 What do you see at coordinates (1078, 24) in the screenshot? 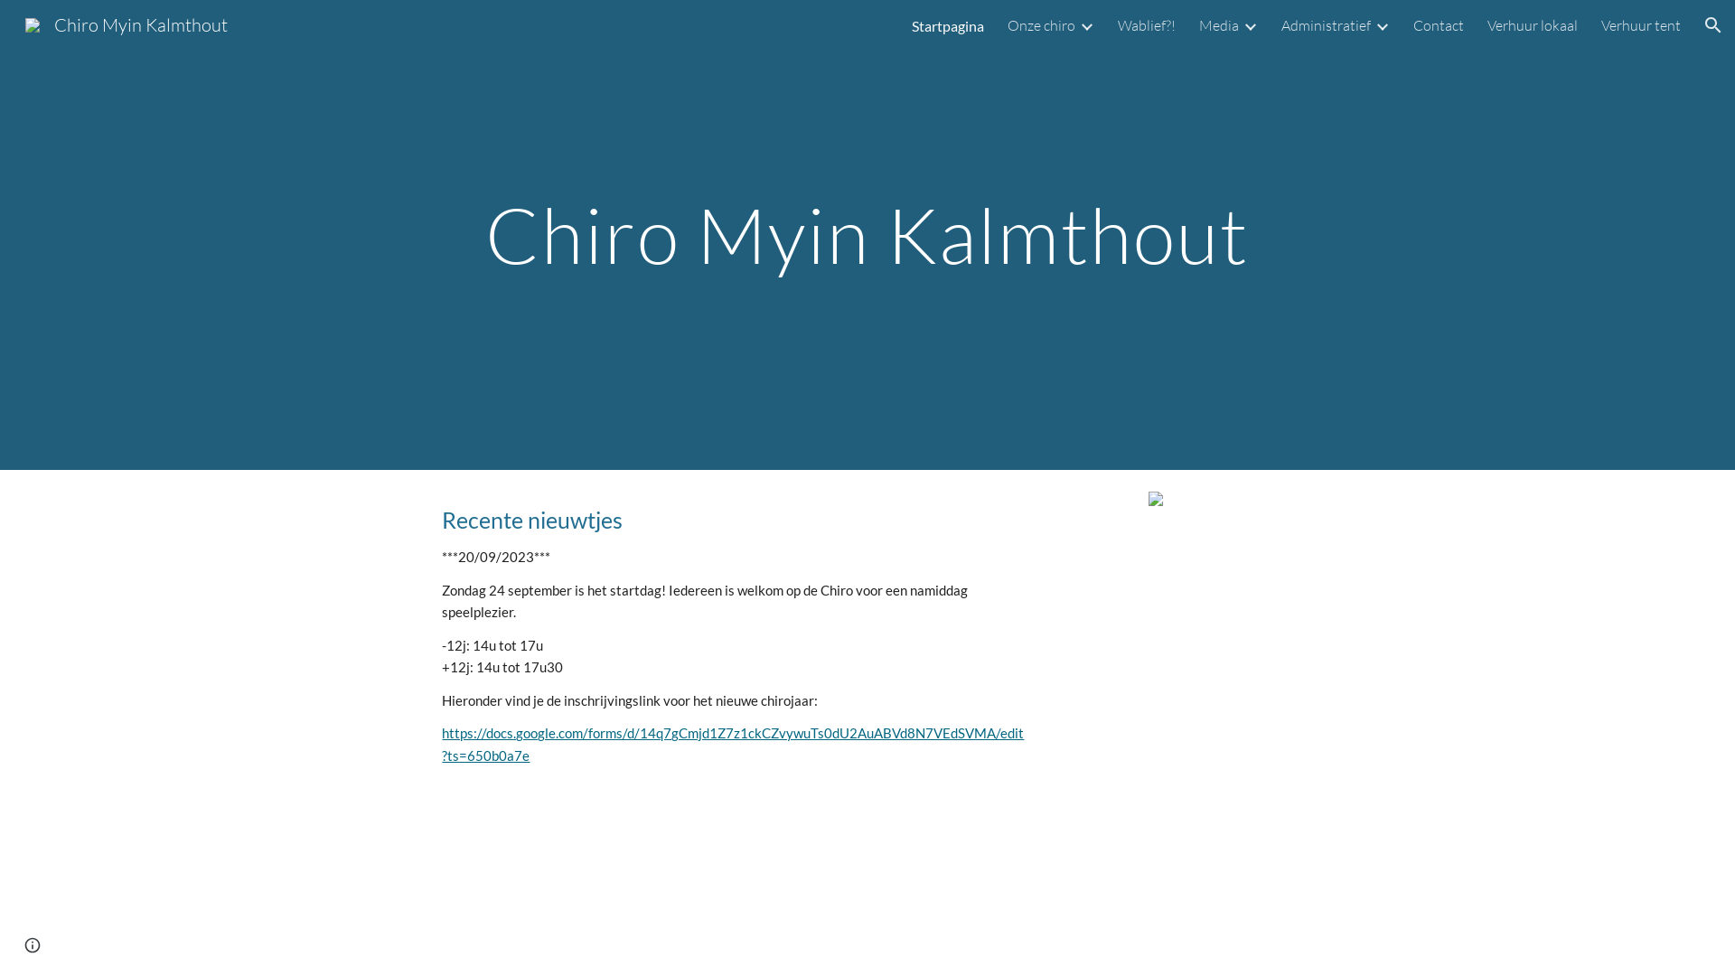
I see `'Expand/Collapse'` at bounding box center [1078, 24].